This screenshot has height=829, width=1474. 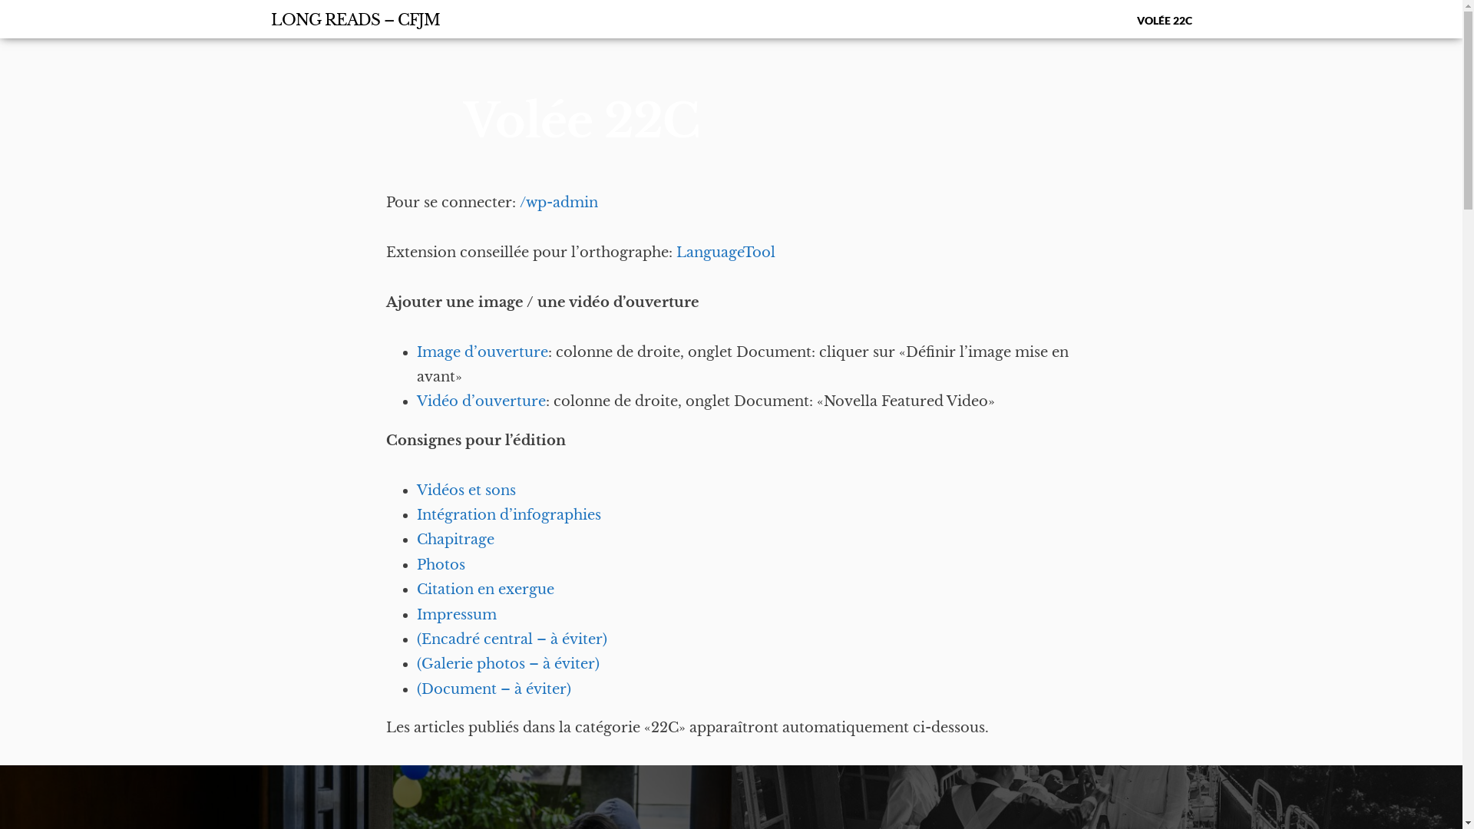 I want to click on 'Photos', so click(x=439, y=565).